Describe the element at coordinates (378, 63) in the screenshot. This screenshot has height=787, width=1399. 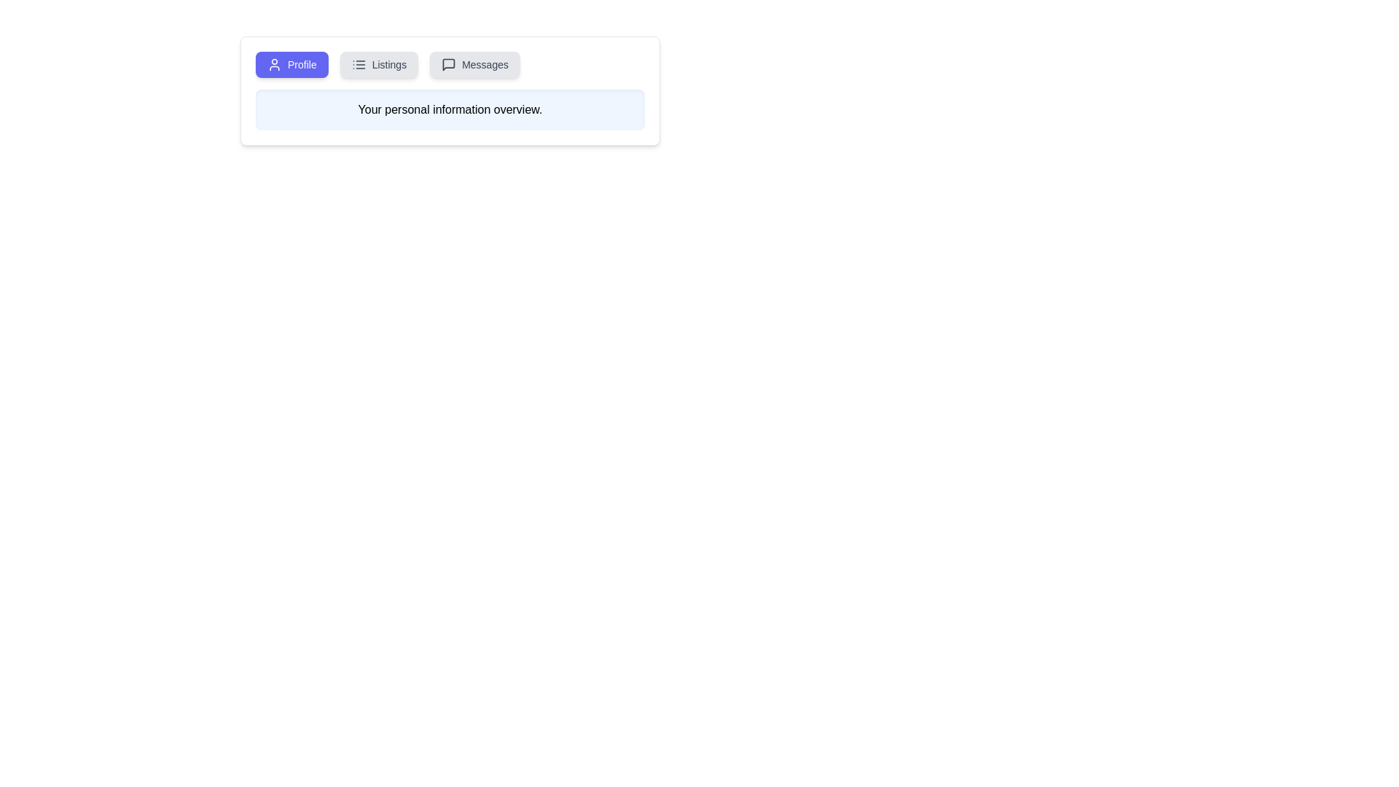
I see `the Listings tab by clicking on it` at that location.